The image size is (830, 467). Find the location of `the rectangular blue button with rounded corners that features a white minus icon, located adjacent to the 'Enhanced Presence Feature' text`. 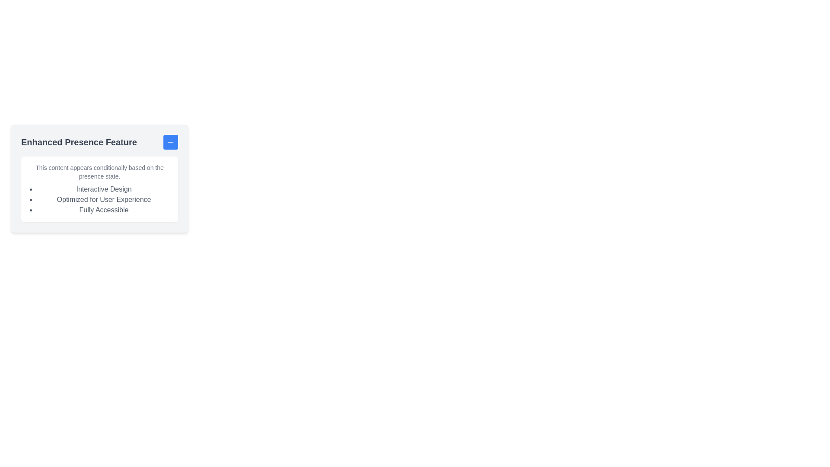

the rectangular blue button with rounded corners that features a white minus icon, located adjacent to the 'Enhanced Presence Feature' text is located at coordinates (170, 141).